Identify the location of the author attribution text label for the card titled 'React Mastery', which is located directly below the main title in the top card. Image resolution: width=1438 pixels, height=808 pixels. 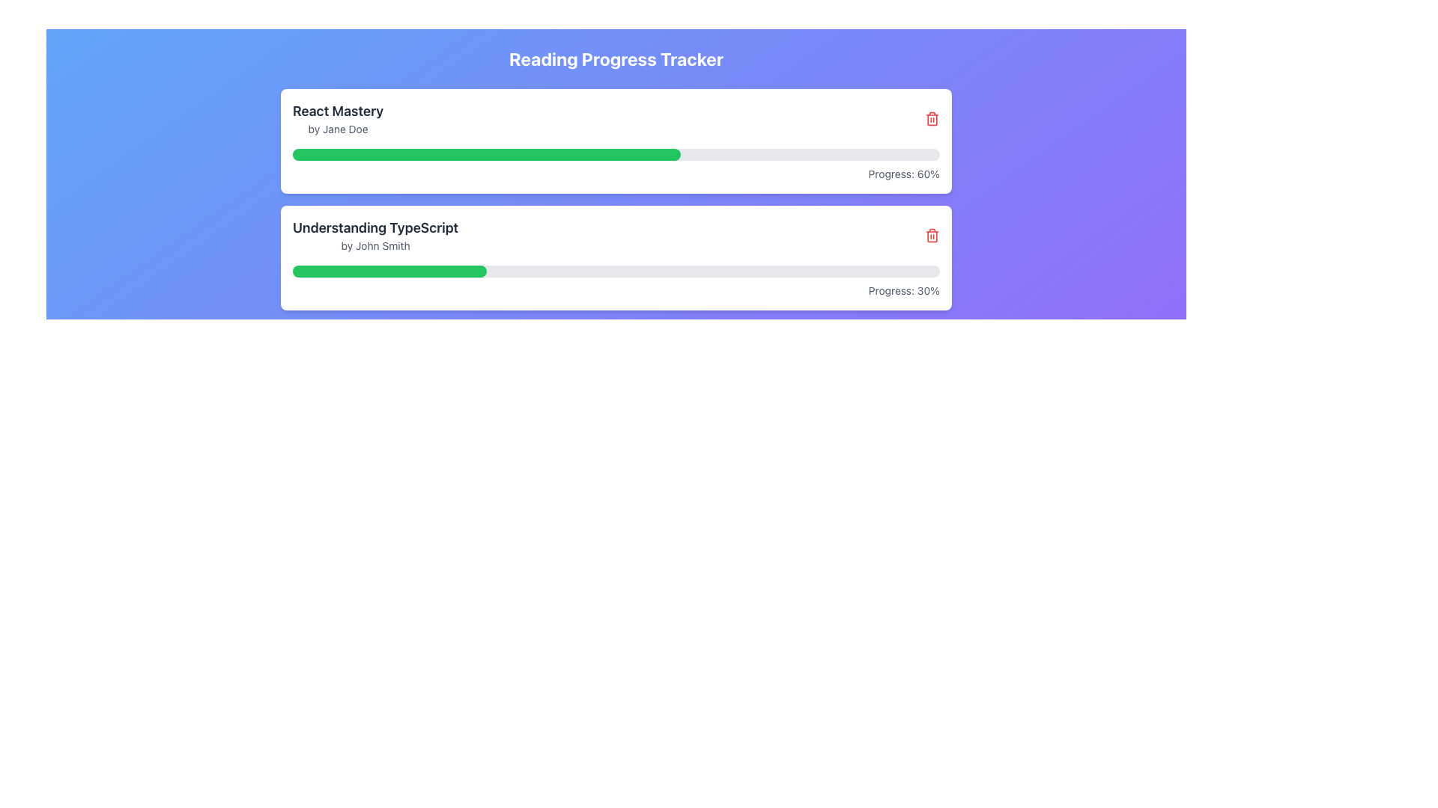
(337, 129).